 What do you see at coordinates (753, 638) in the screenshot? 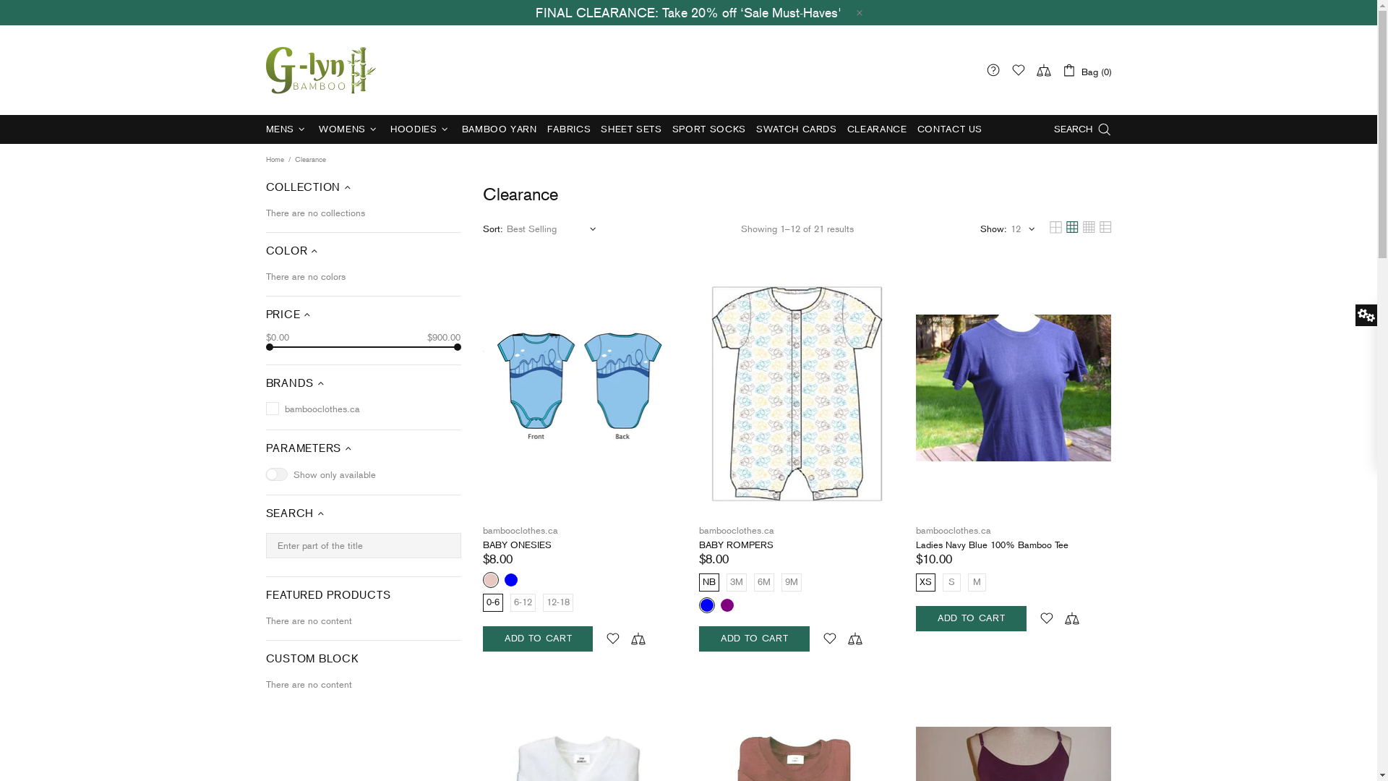
I see `'ADD TO CART'` at bounding box center [753, 638].